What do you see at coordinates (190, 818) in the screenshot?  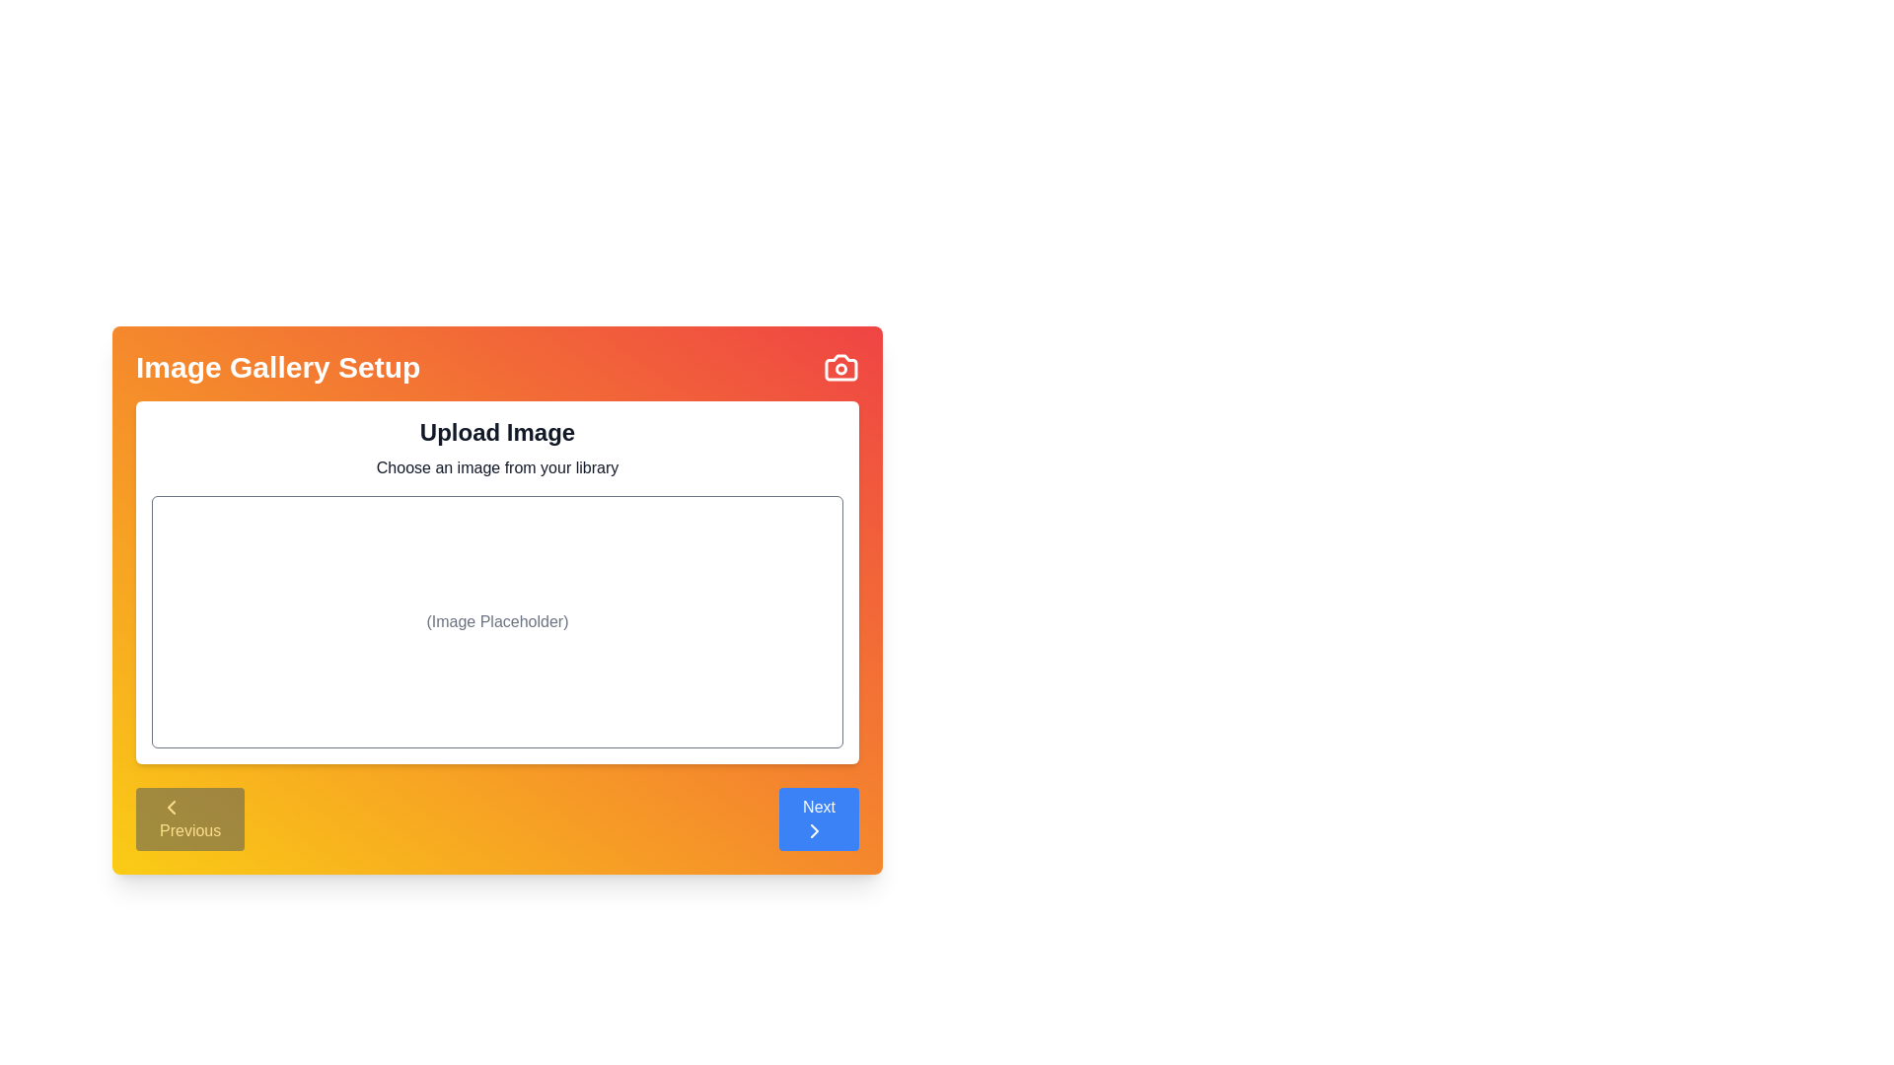 I see `the Previous button to navigate the steps` at bounding box center [190, 818].